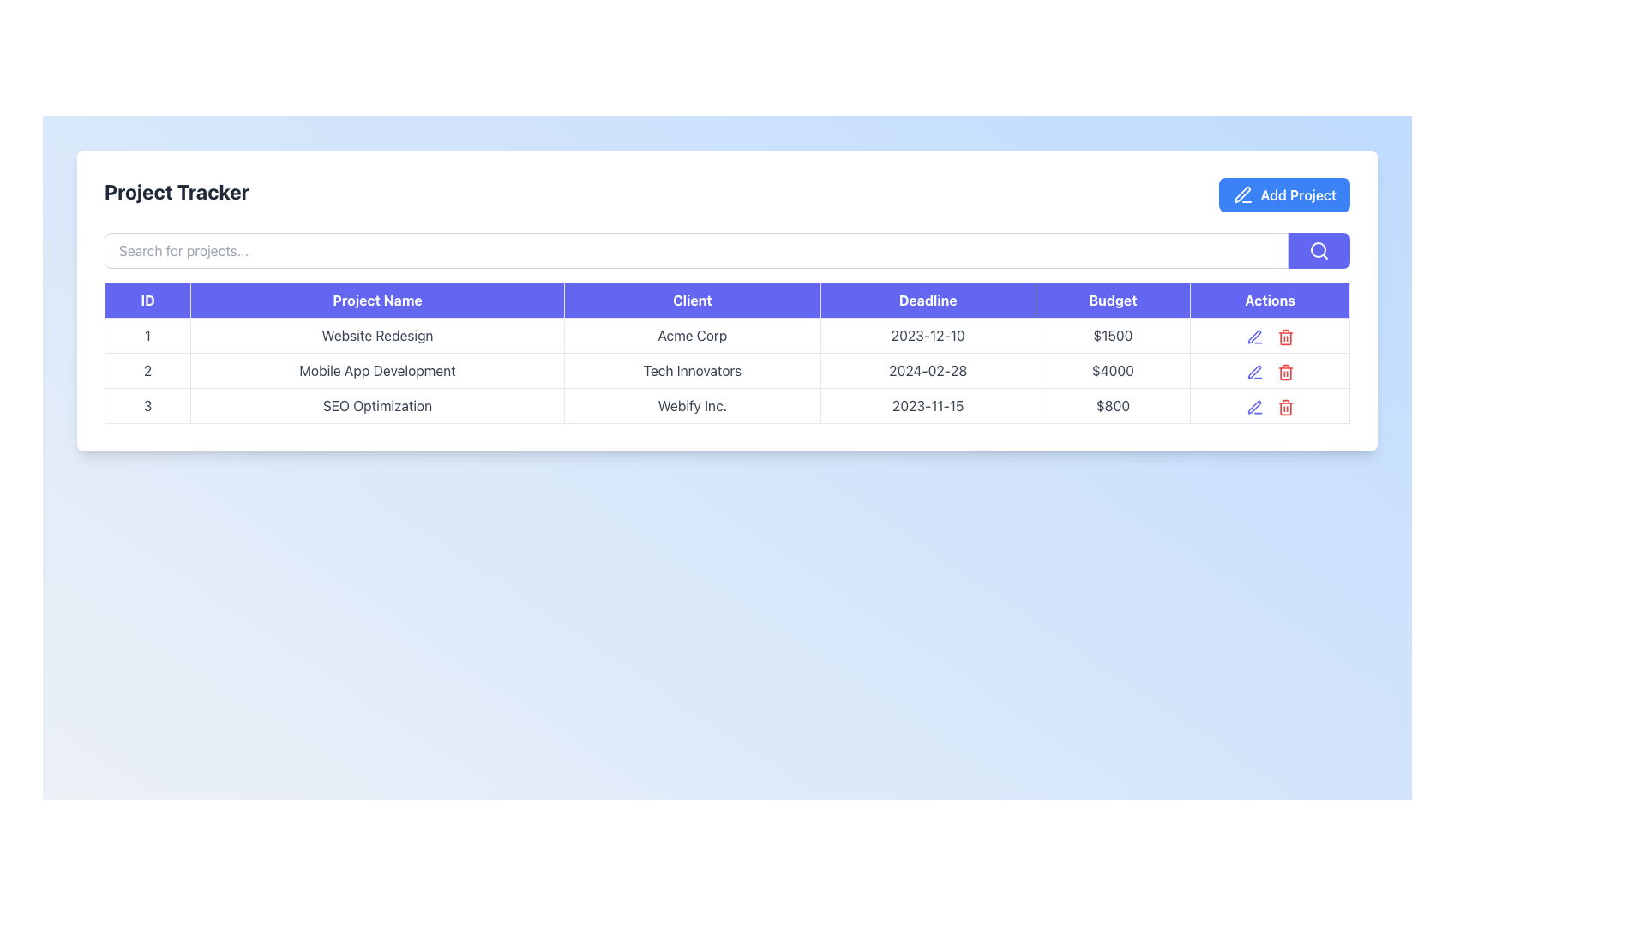 This screenshot has width=1646, height=925. I want to click on the 'SEO Optimization' text display, which is located in the third row of the table under the 'Project Name' column, so click(376, 406).